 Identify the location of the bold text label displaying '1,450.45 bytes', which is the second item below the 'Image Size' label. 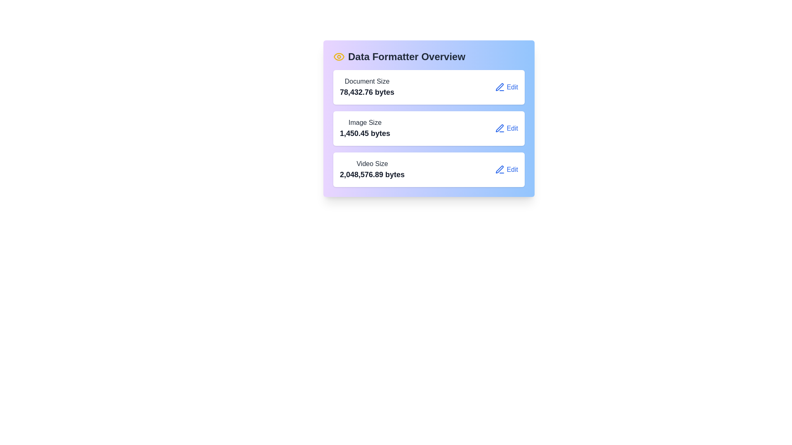
(365, 133).